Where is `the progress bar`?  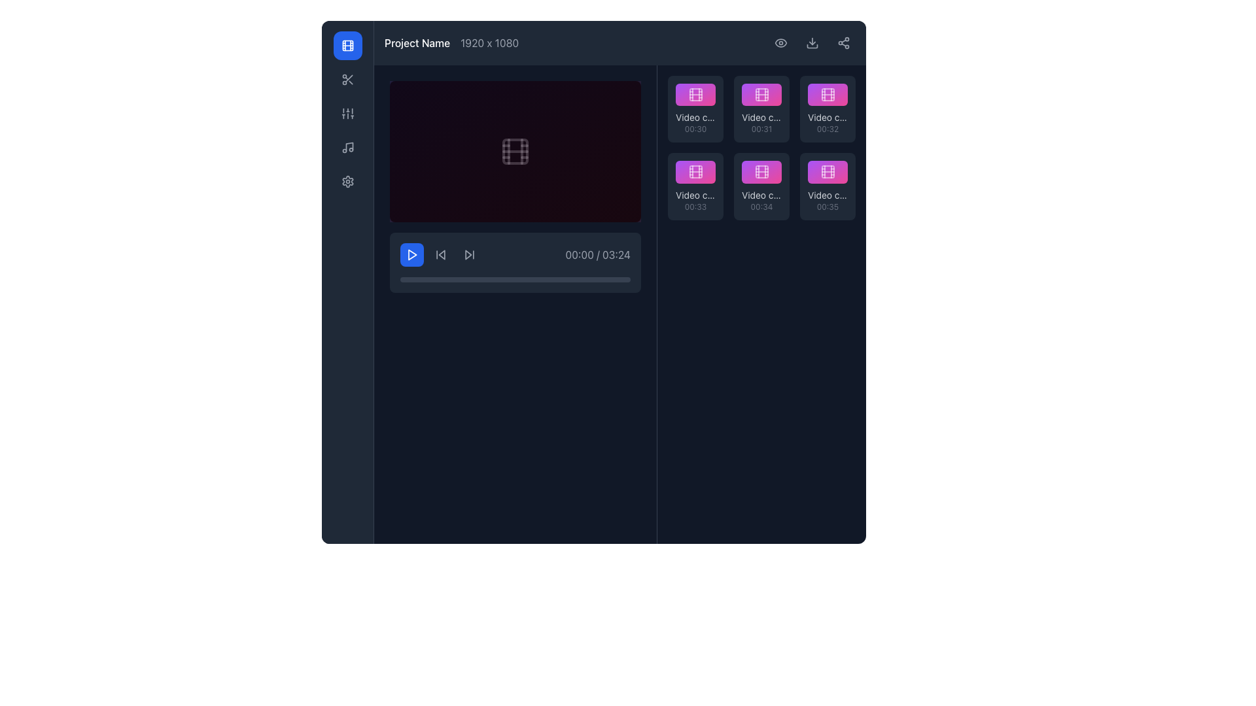
the progress bar is located at coordinates (425, 279).